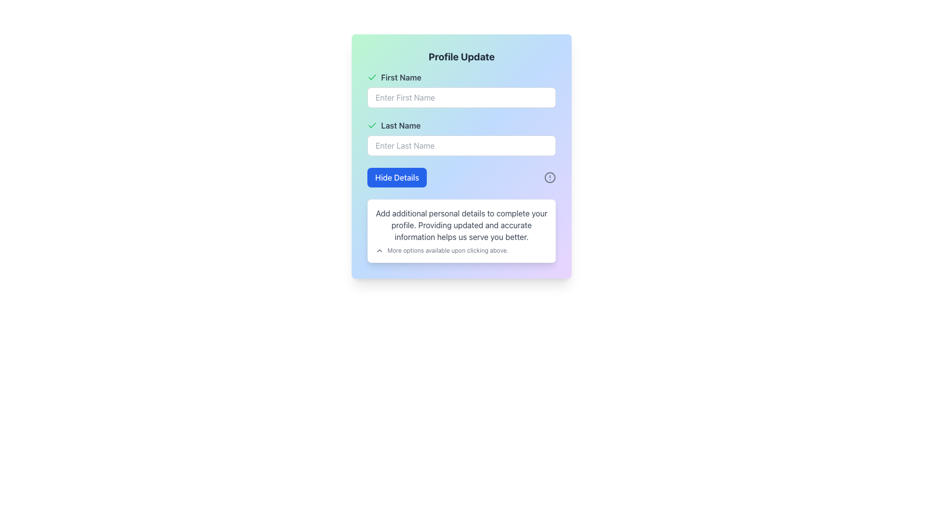  I want to click on the static informational text that guides users to complete their profile, positioned centrally in the lower half of the card layout, so click(461, 225).